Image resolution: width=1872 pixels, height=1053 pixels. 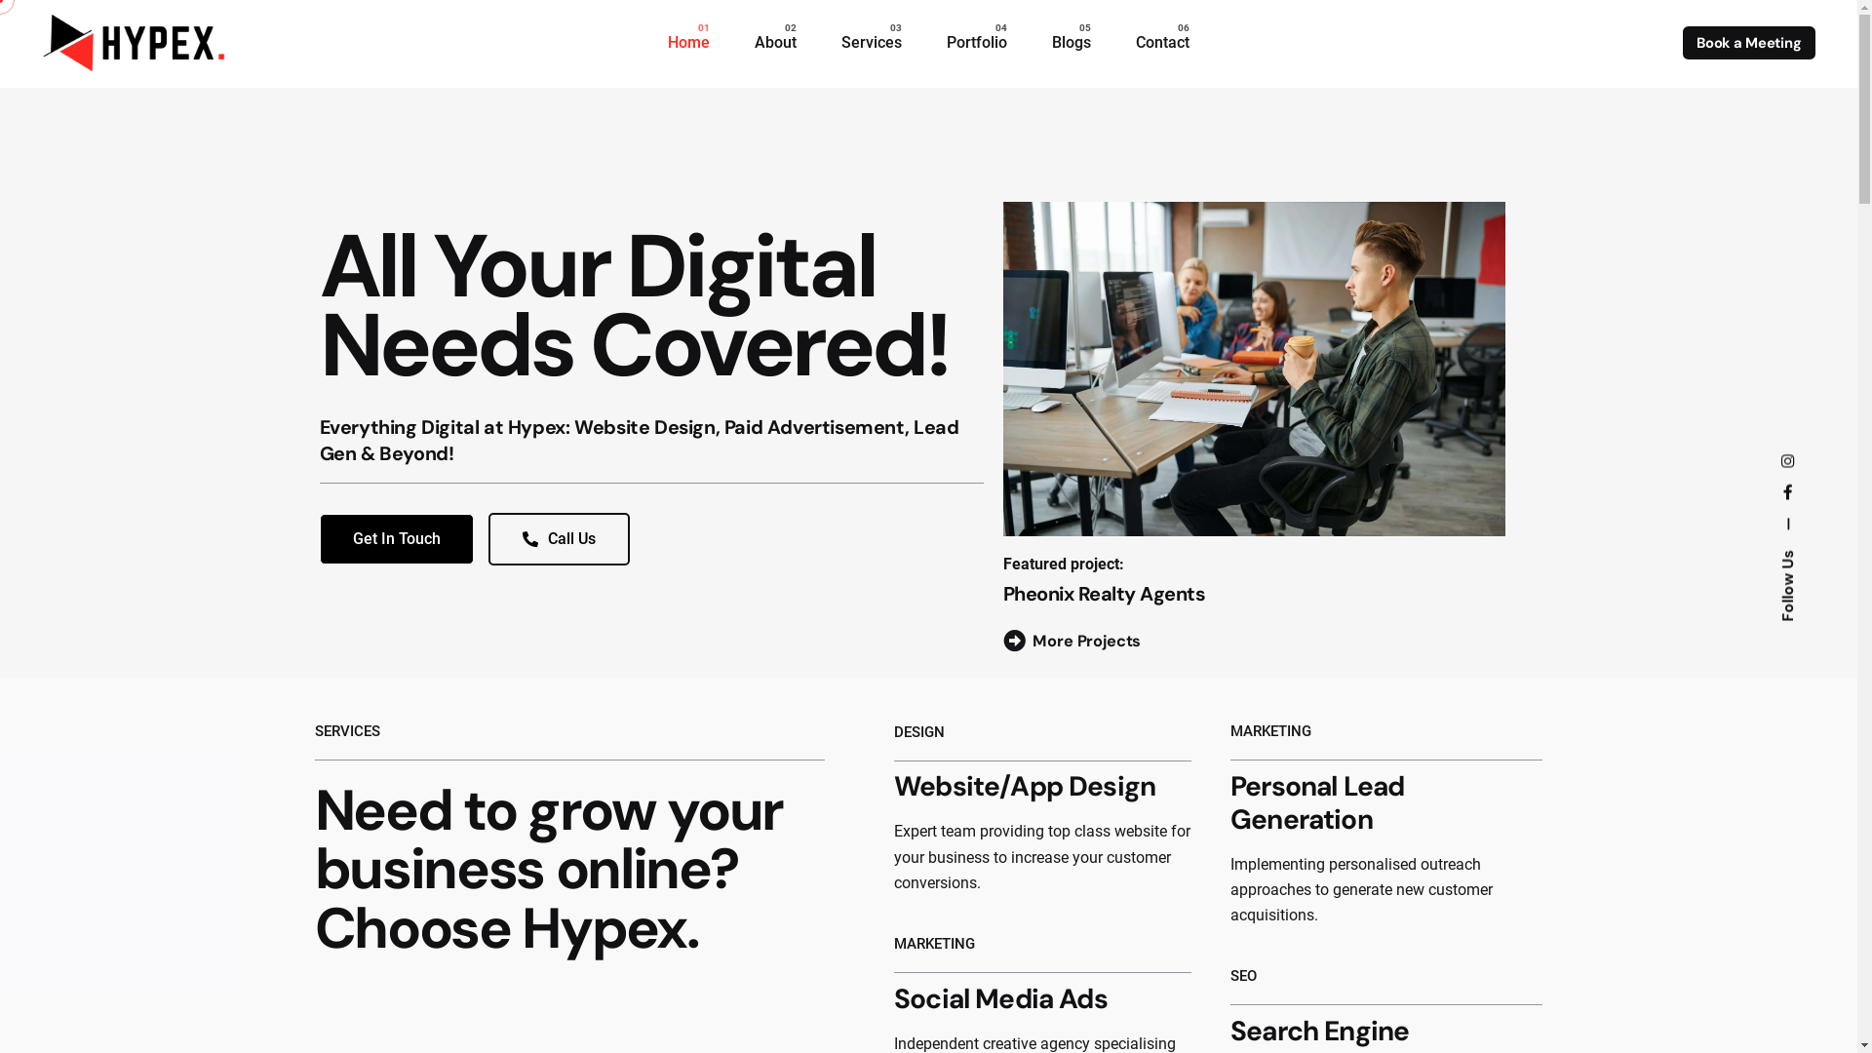 What do you see at coordinates (1316, 802) in the screenshot?
I see `'Personal Lead Generation'` at bounding box center [1316, 802].